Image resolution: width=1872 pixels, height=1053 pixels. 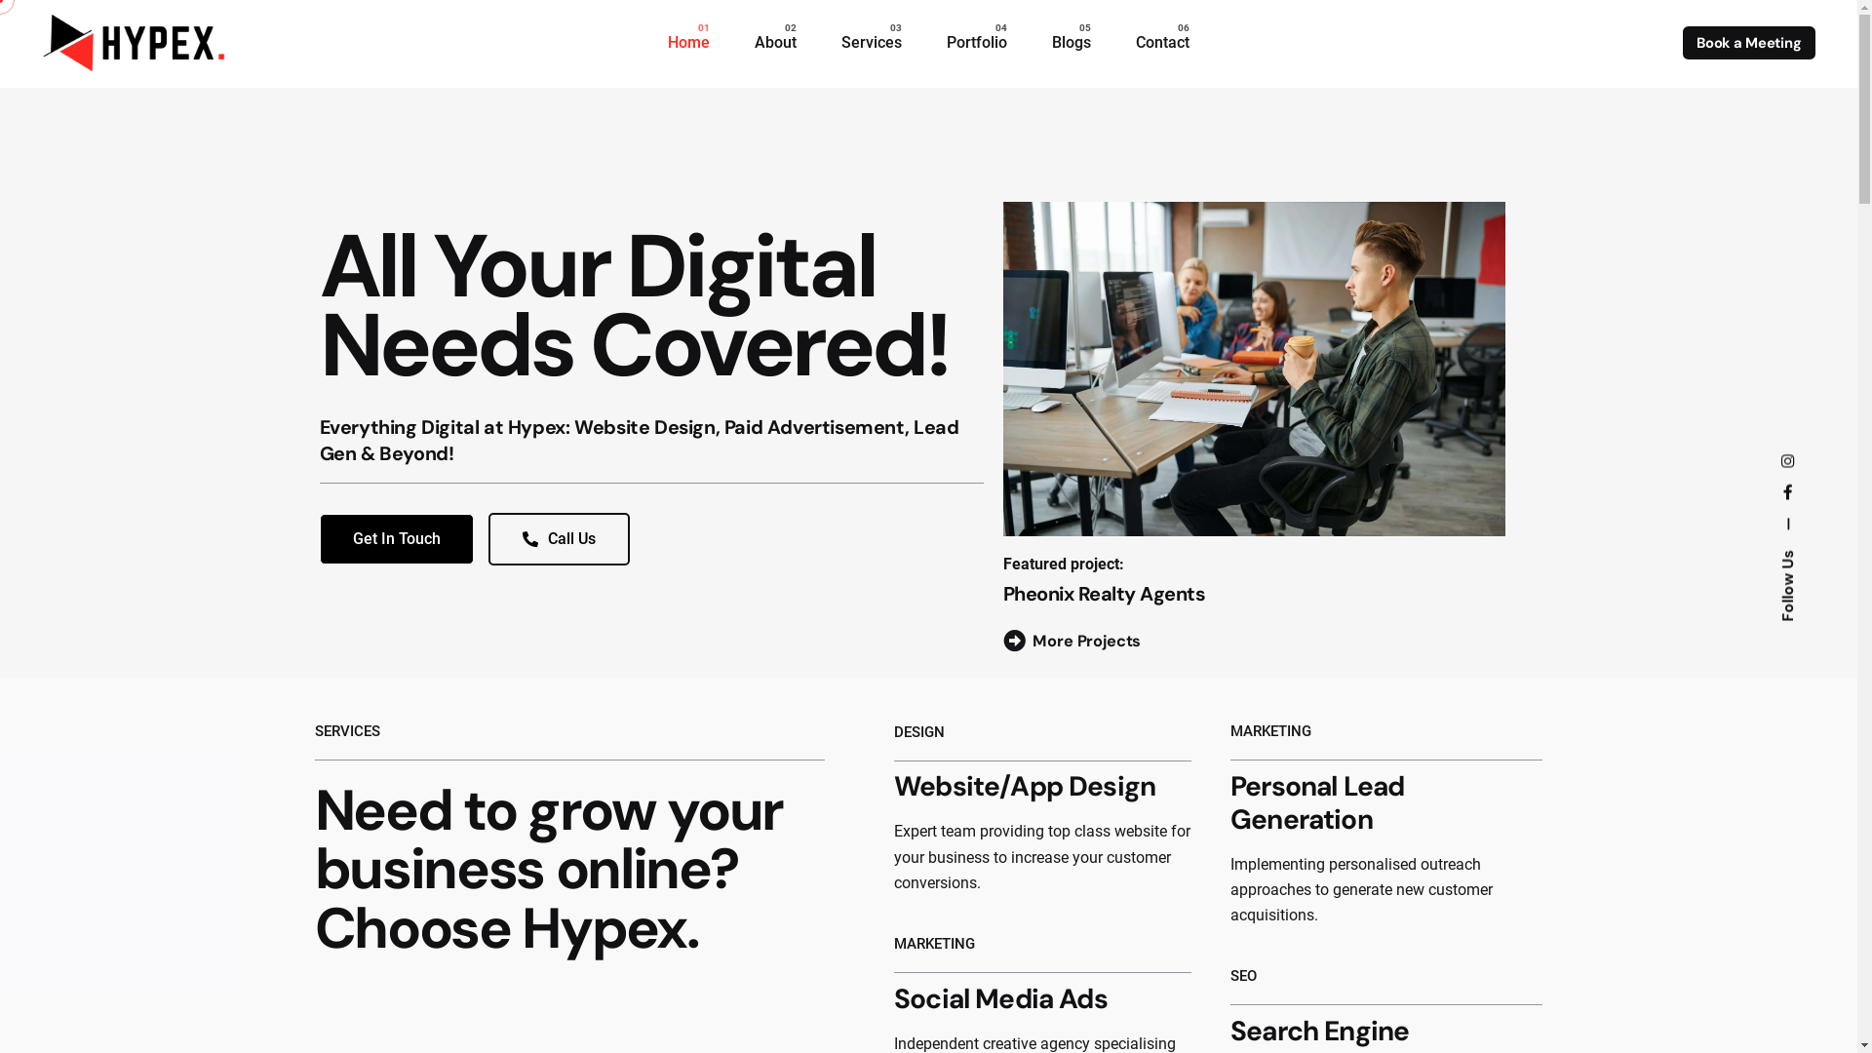 What do you see at coordinates (1316, 802) in the screenshot?
I see `'Personal Lead Generation'` at bounding box center [1316, 802].